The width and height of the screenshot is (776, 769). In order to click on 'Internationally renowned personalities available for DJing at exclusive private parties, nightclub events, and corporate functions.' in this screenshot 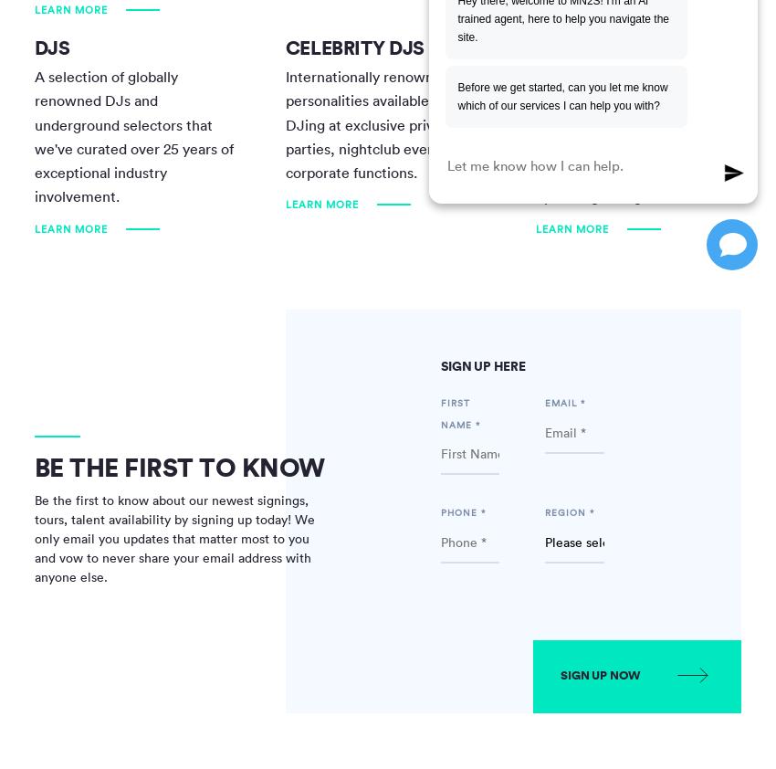, I will do `click(382, 123)`.